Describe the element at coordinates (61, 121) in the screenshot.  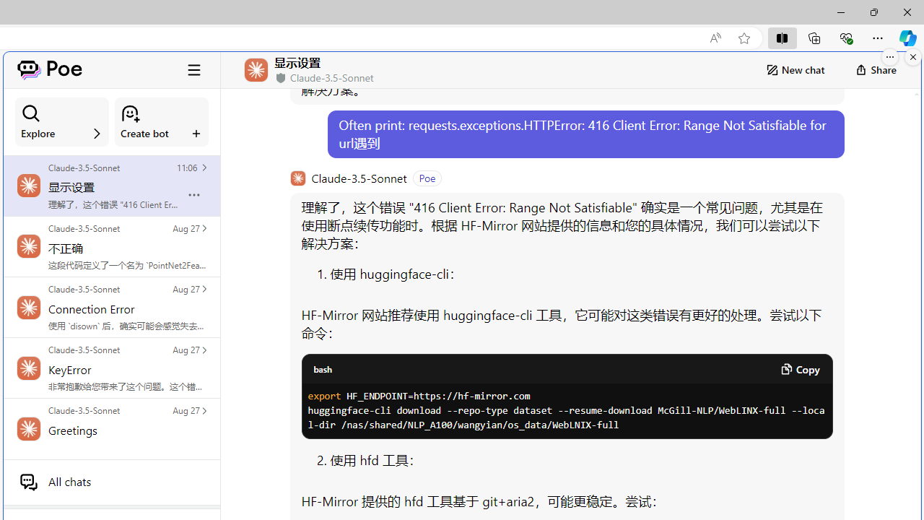
I see `'Explore'` at that location.